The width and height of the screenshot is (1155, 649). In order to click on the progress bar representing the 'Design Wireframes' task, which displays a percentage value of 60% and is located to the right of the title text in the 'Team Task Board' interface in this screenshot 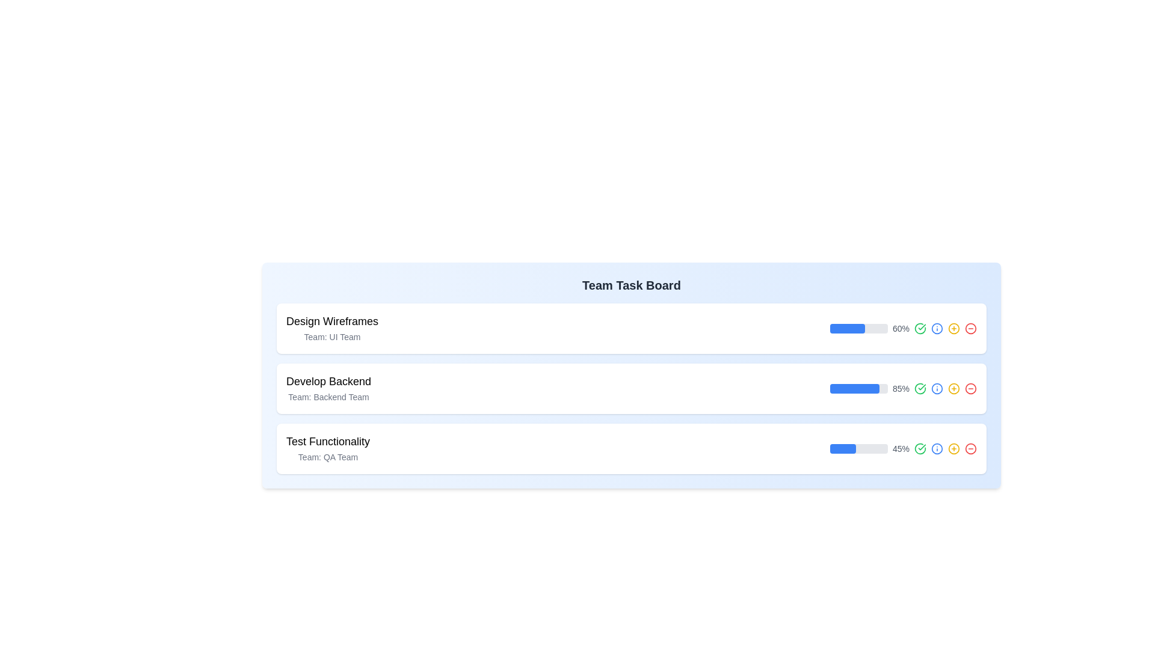, I will do `click(904, 329)`.